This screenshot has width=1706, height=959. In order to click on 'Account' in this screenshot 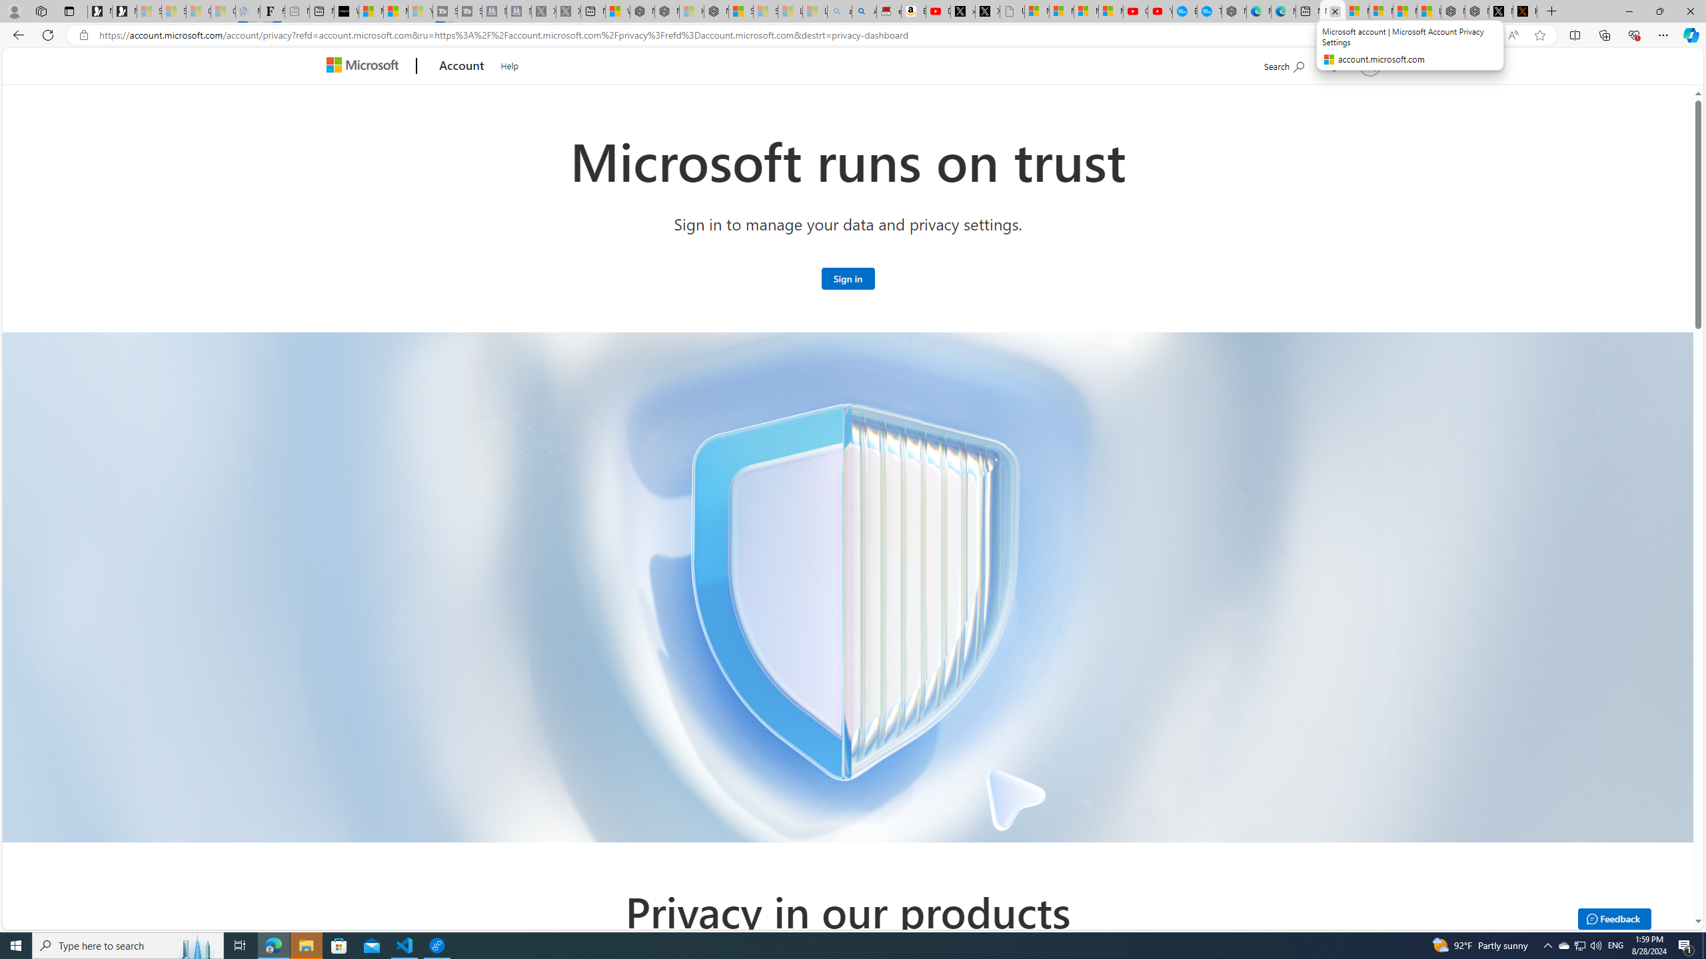, I will do `click(461, 66)`.